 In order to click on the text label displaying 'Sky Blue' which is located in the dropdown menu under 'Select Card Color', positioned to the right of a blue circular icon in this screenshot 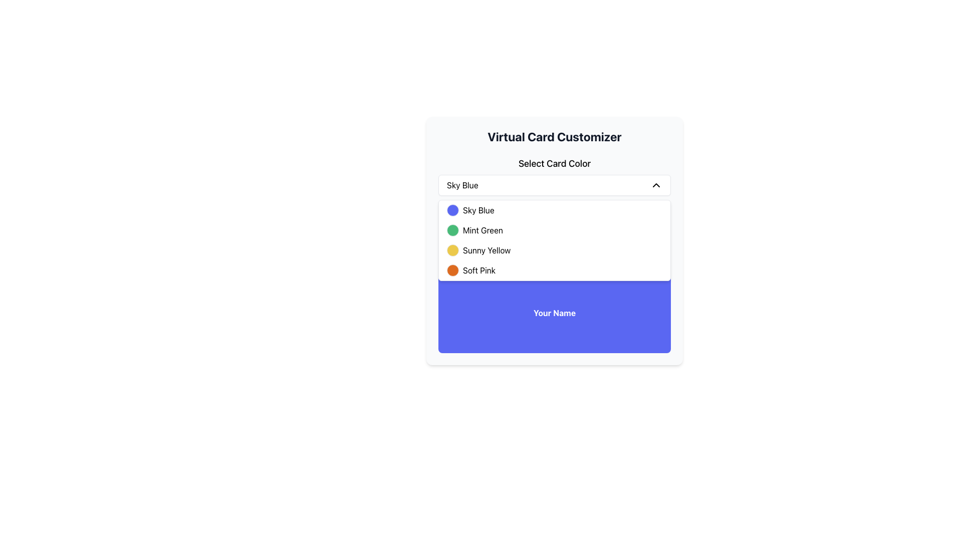, I will do `click(478, 210)`.